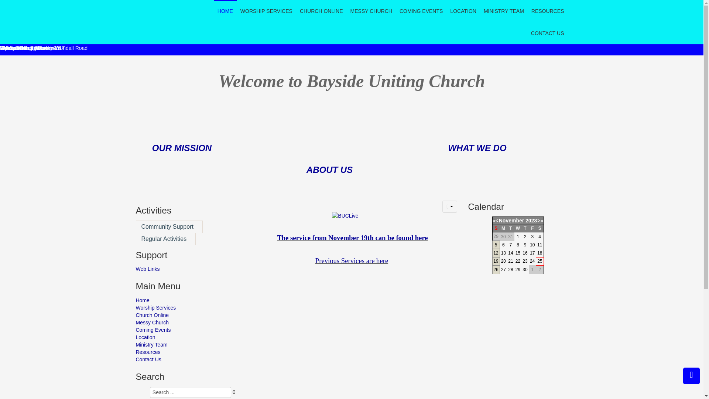 This screenshot has width=709, height=399. What do you see at coordinates (524, 253) in the screenshot?
I see `'16'` at bounding box center [524, 253].